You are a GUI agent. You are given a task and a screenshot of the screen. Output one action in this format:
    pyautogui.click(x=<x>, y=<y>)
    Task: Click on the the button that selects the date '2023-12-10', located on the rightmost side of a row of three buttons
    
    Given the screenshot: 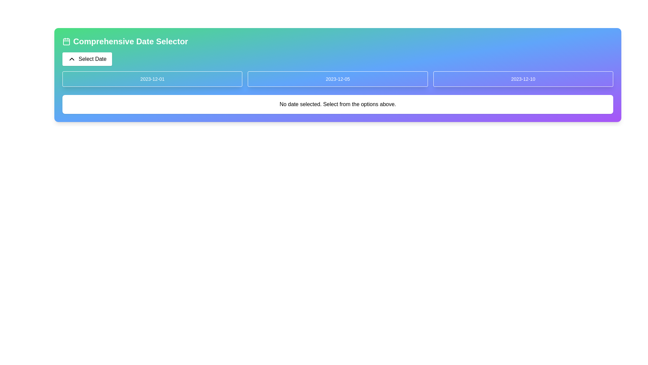 What is the action you would take?
    pyautogui.click(x=523, y=79)
    